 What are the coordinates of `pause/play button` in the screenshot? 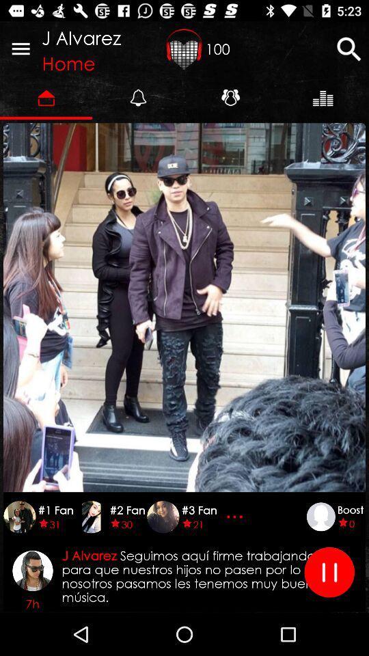 It's located at (329, 572).